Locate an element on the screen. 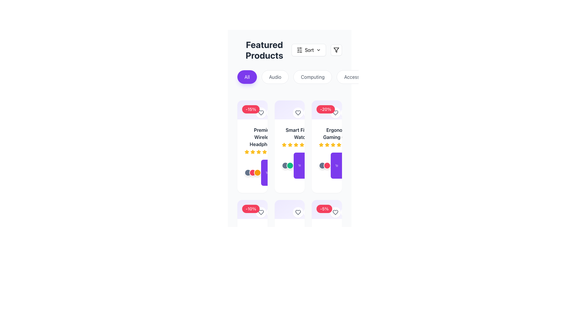  the 'Computing' pill-shaped button located under the 'Featured Products' title is located at coordinates (312, 76).